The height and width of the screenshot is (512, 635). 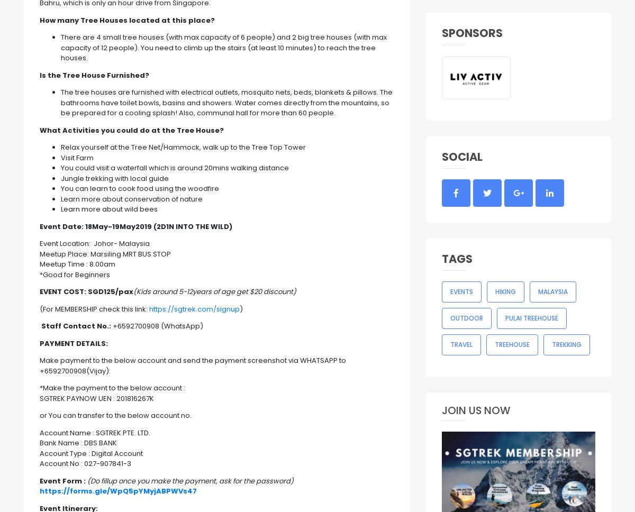 I want to click on 'SGD125/pax', so click(x=85, y=291).